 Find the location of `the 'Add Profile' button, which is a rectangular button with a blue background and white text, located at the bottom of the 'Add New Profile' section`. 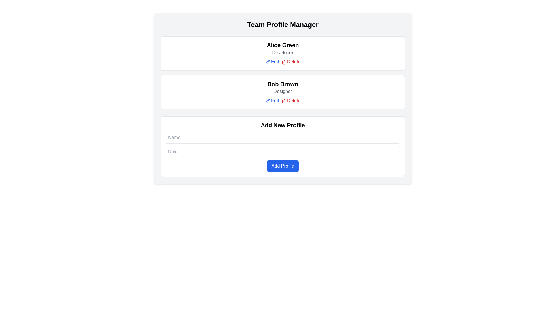

the 'Add Profile' button, which is a rectangular button with a blue background and white text, located at the bottom of the 'Add New Profile' section is located at coordinates (283, 166).